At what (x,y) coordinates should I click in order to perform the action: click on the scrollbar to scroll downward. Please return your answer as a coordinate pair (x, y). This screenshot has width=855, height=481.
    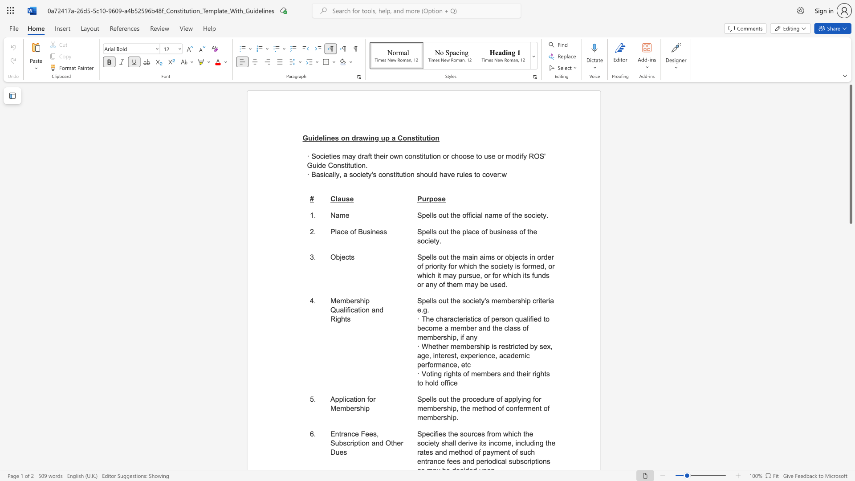
    Looking at the image, I should click on (850, 293).